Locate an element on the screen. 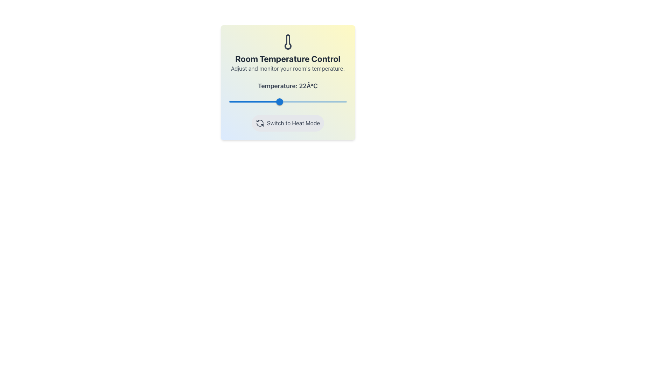 Image resolution: width=672 pixels, height=378 pixels. the temperature is located at coordinates (296, 101).